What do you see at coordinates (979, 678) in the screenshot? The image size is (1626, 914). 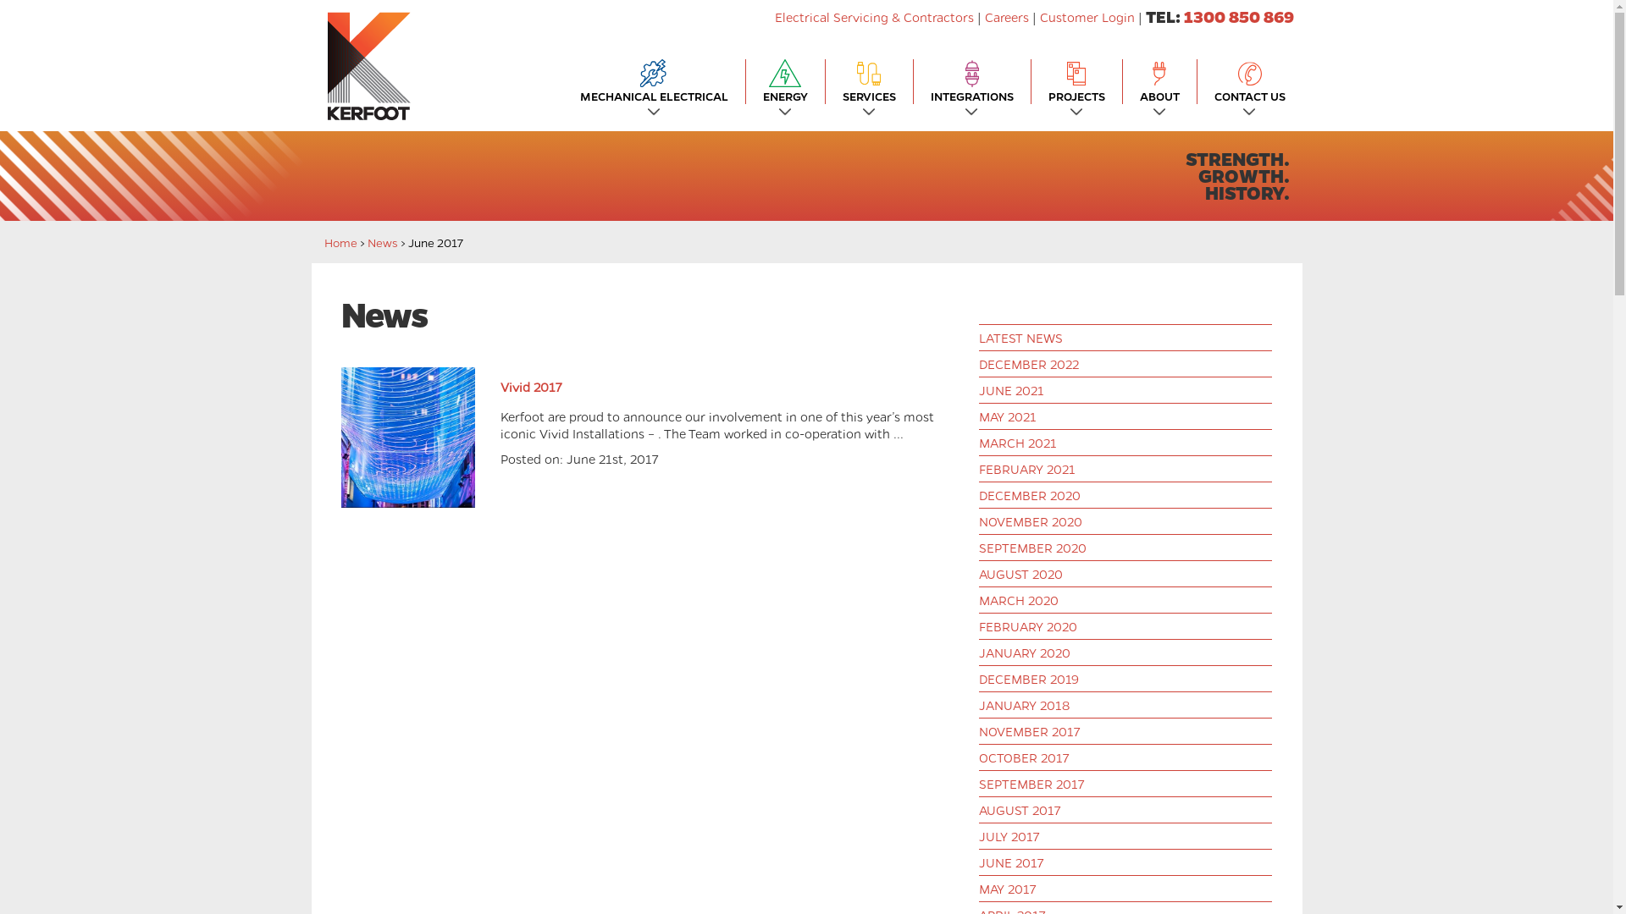 I see `'DECEMBER 2019'` at bounding box center [979, 678].